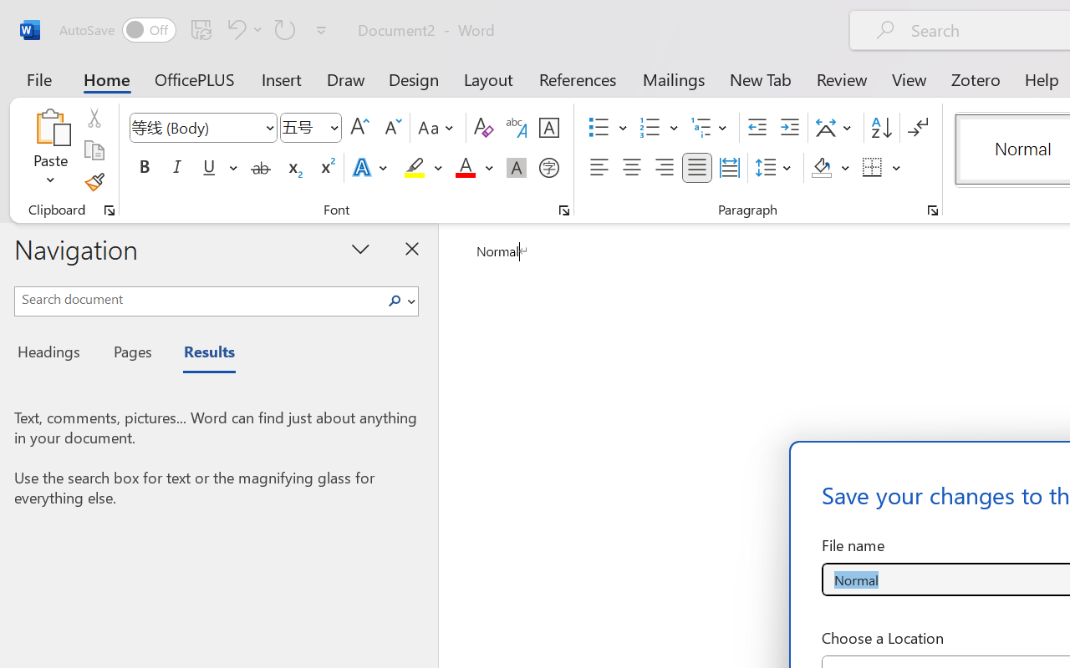 The image size is (1070, 668). What do you see at coordinates (130, 354) in the screenshot?
I see `'Pages'` at bounding box center [130, 354].